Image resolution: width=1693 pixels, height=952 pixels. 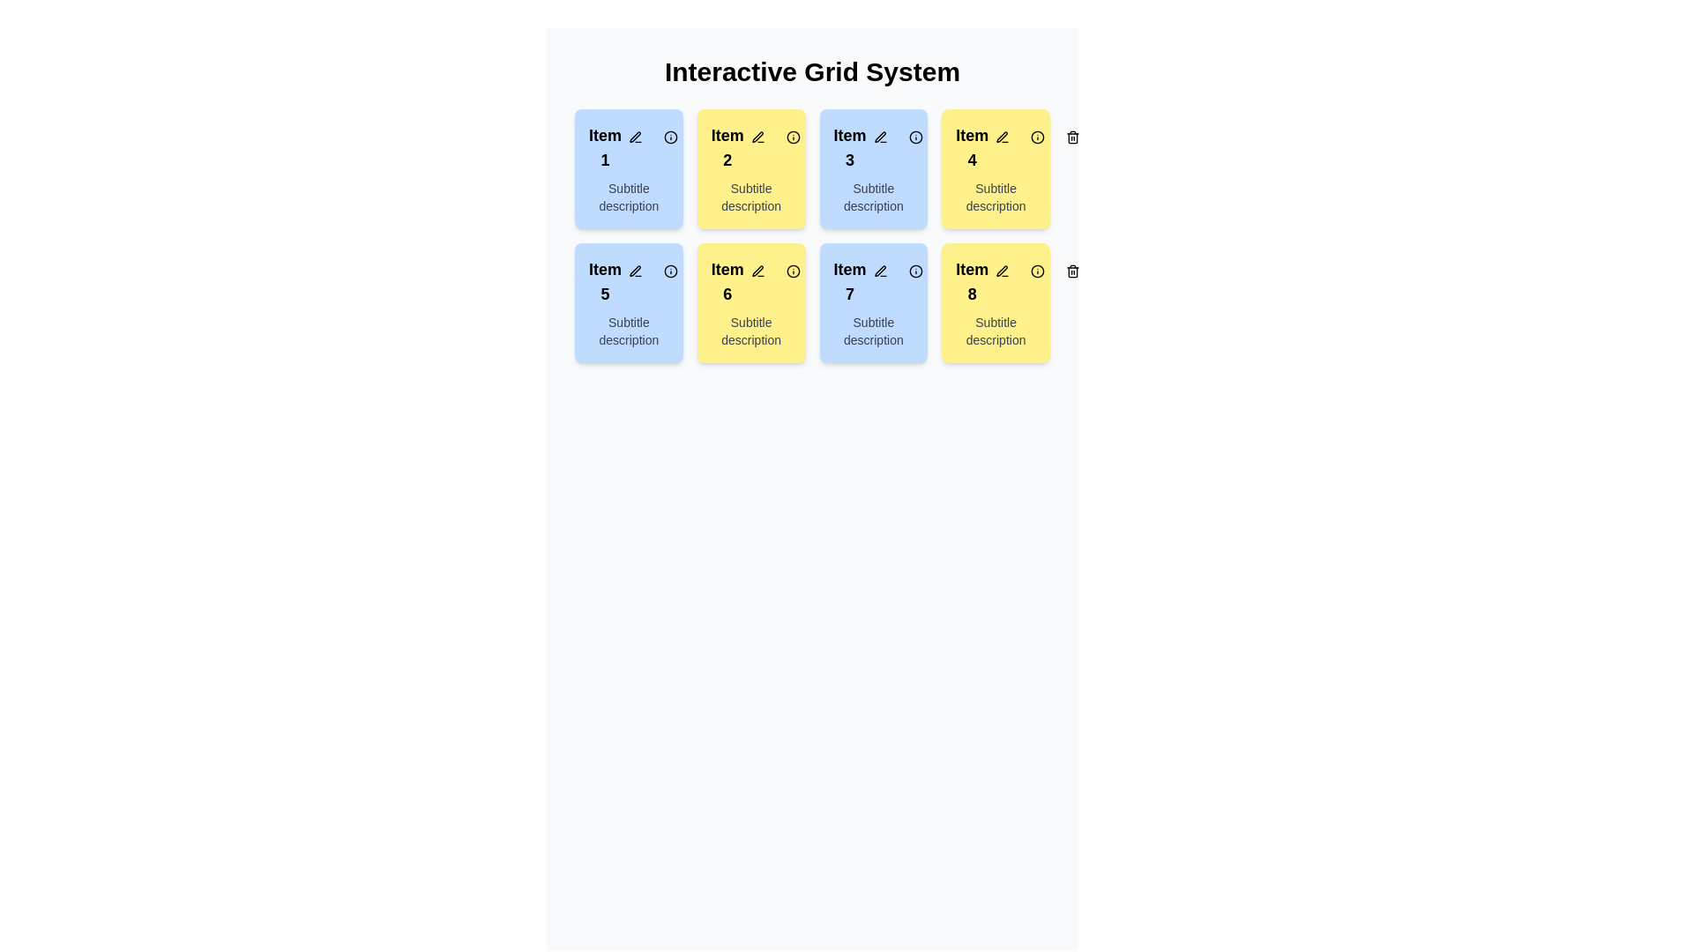 I want to click on the info button located in the first column's card labeled 'Item 1', which is to the right of the pencil icon in the card's header area, so click(x=670, y=136).